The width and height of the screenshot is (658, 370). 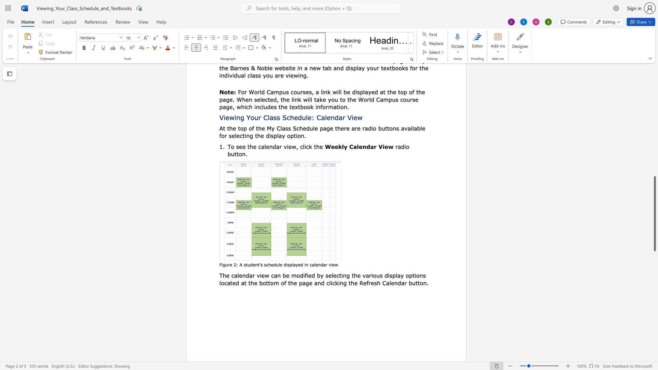 What do you see at coordinates (654, 96) in the screenshot?
I see `the scrollbar on the right to move the page upward` at bounding box center [654, 96].